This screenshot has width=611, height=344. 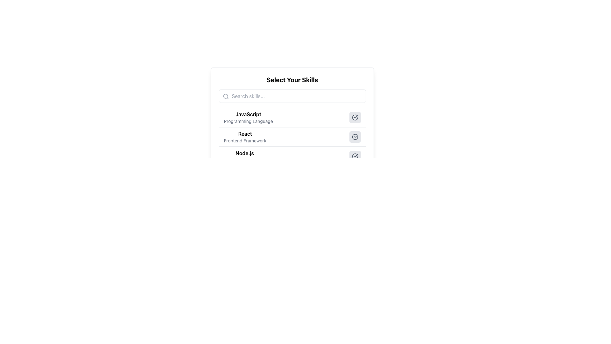 I want to click on the second skill item 'React' in the skills selection list, so click(x=292, y=143).